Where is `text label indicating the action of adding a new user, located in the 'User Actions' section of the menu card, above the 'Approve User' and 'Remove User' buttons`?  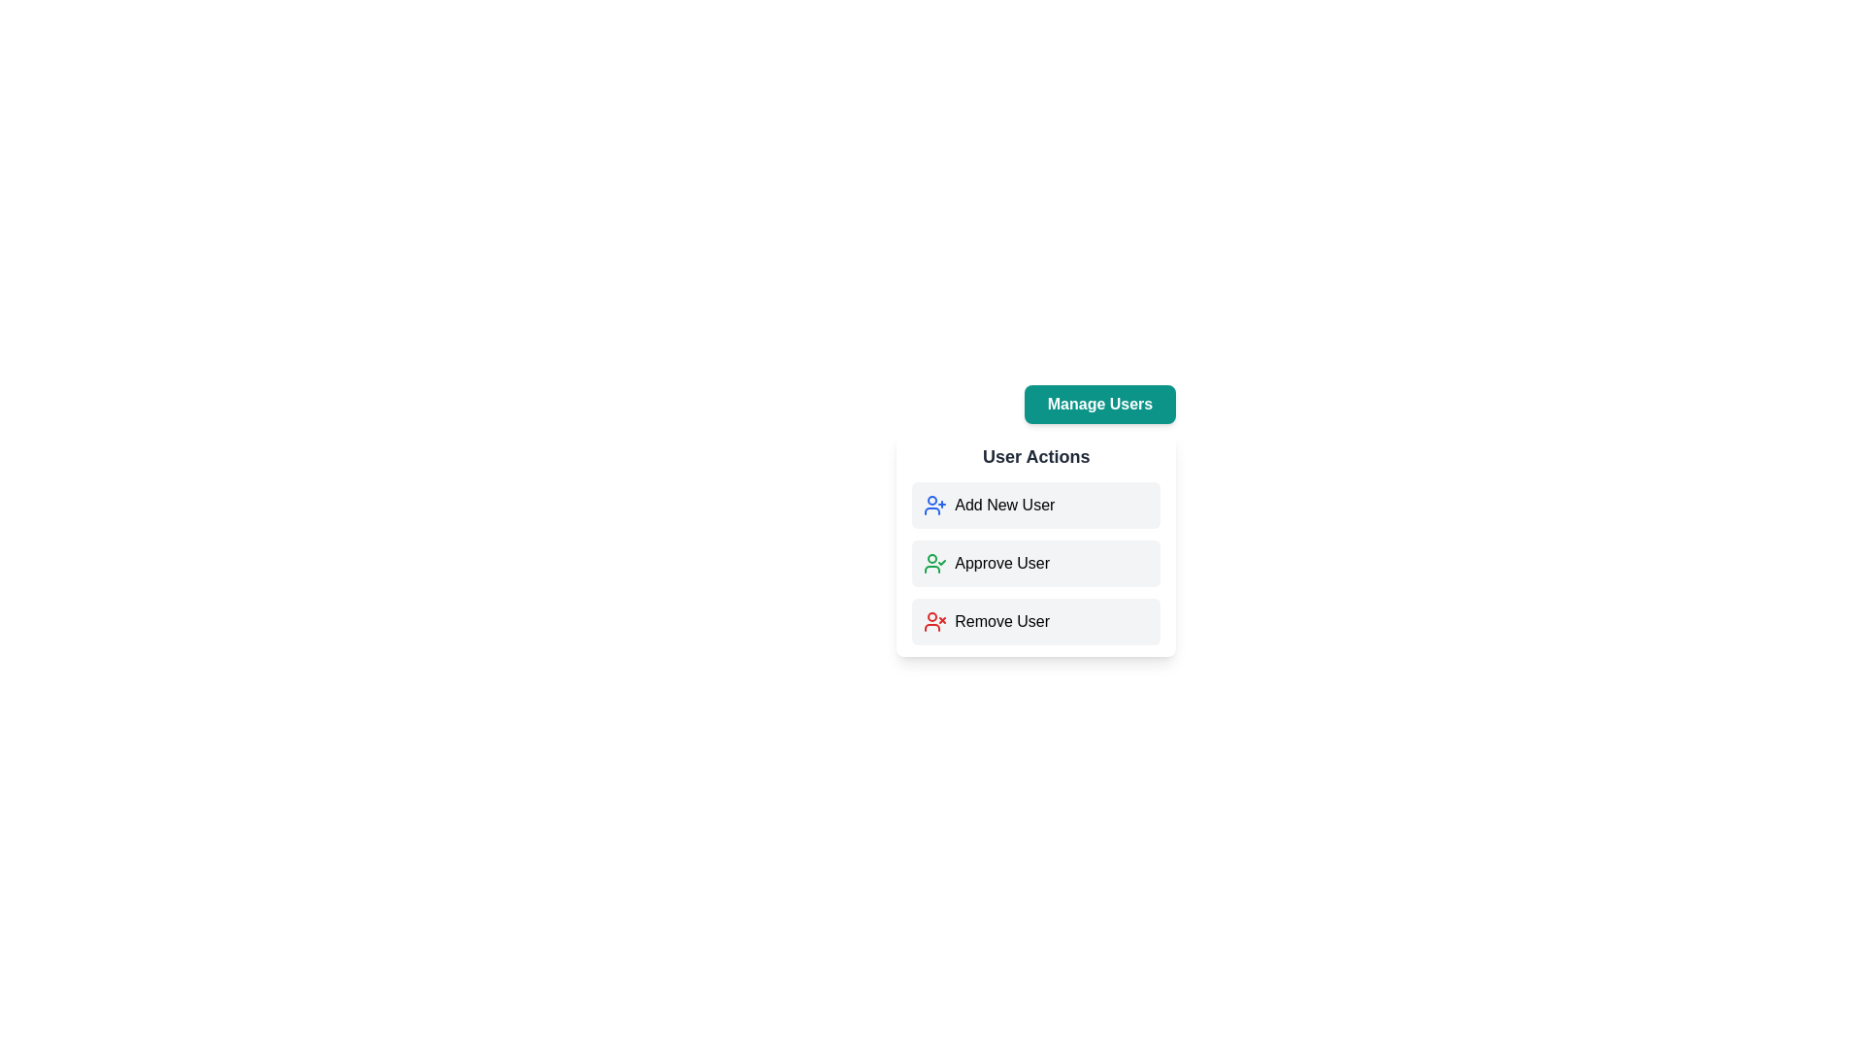
text label indicating the action of adding a new user, located in the 'User Actions' section of the menu card, above the 'Approve User' and 'Remove User' buttons is located at coordinates (1004, 504).